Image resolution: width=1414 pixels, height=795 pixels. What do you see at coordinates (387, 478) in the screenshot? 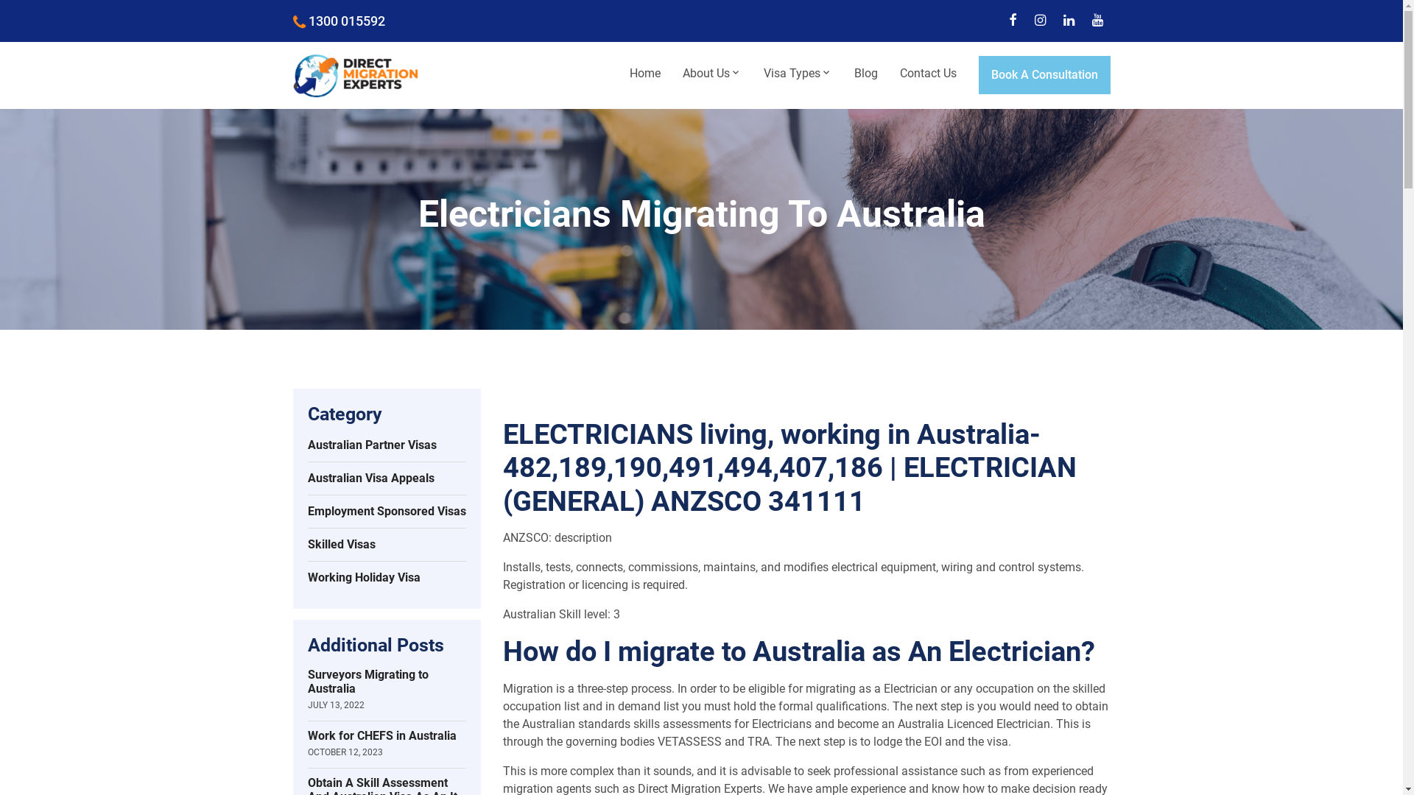
I see `'Australian Visa Appeals'` at bounding box center [387, 478].